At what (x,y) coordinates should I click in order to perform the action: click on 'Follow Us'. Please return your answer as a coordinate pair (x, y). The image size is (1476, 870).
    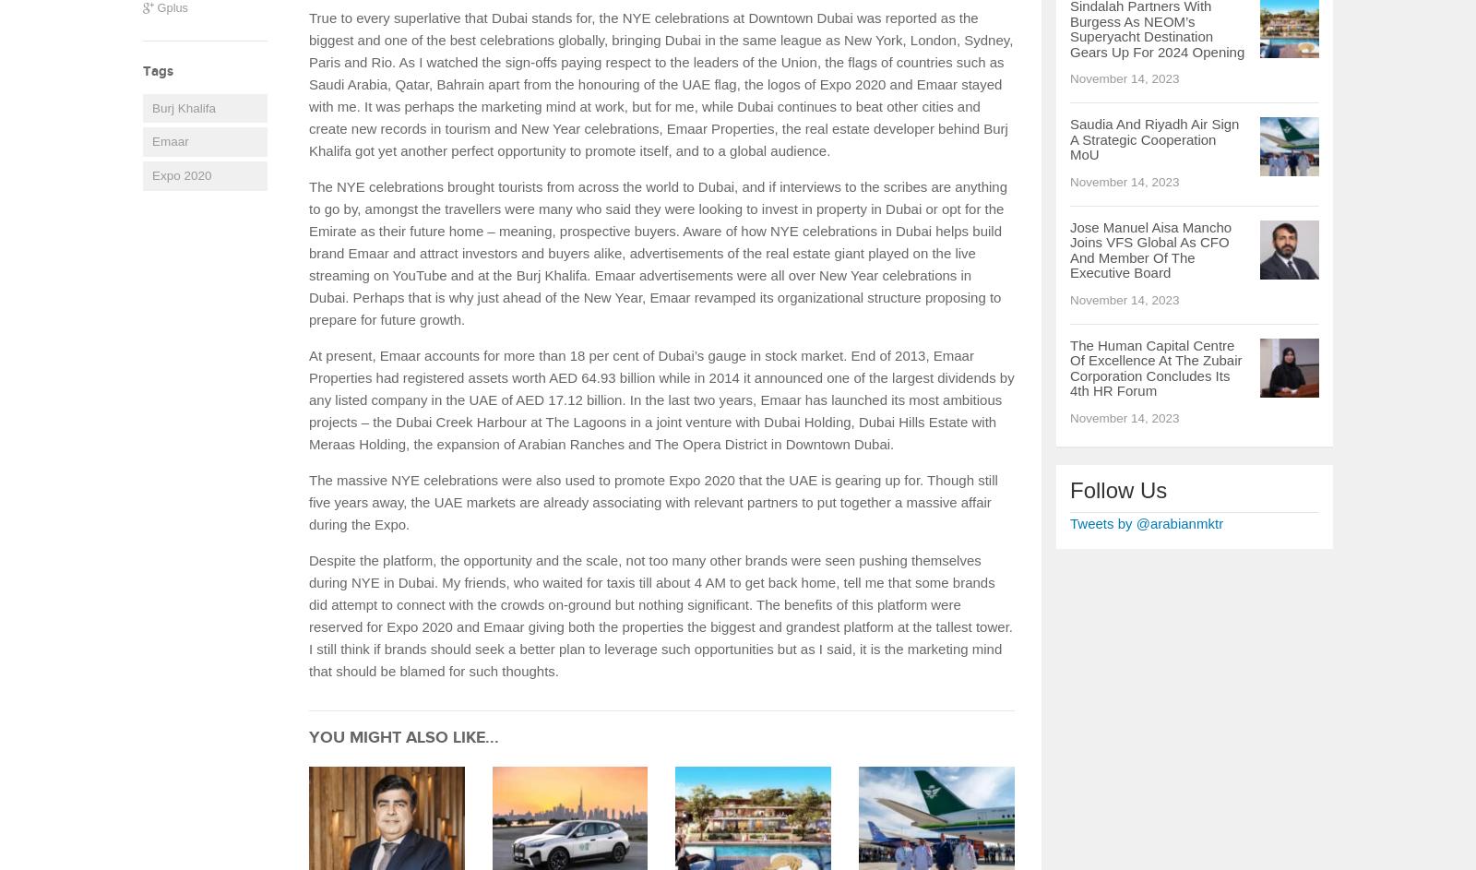
    Looking at the image, I should click on (1117, 489).